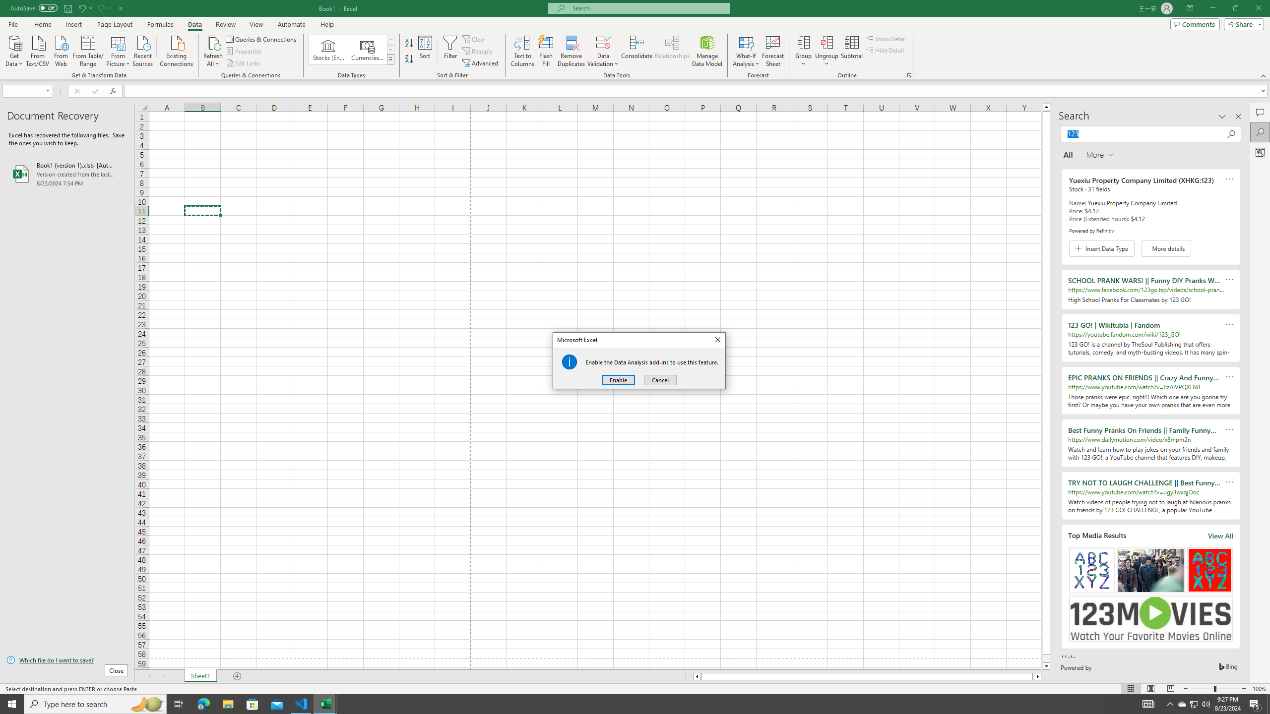  I want to click on 'Microsoft Edge', so click(203, 703).